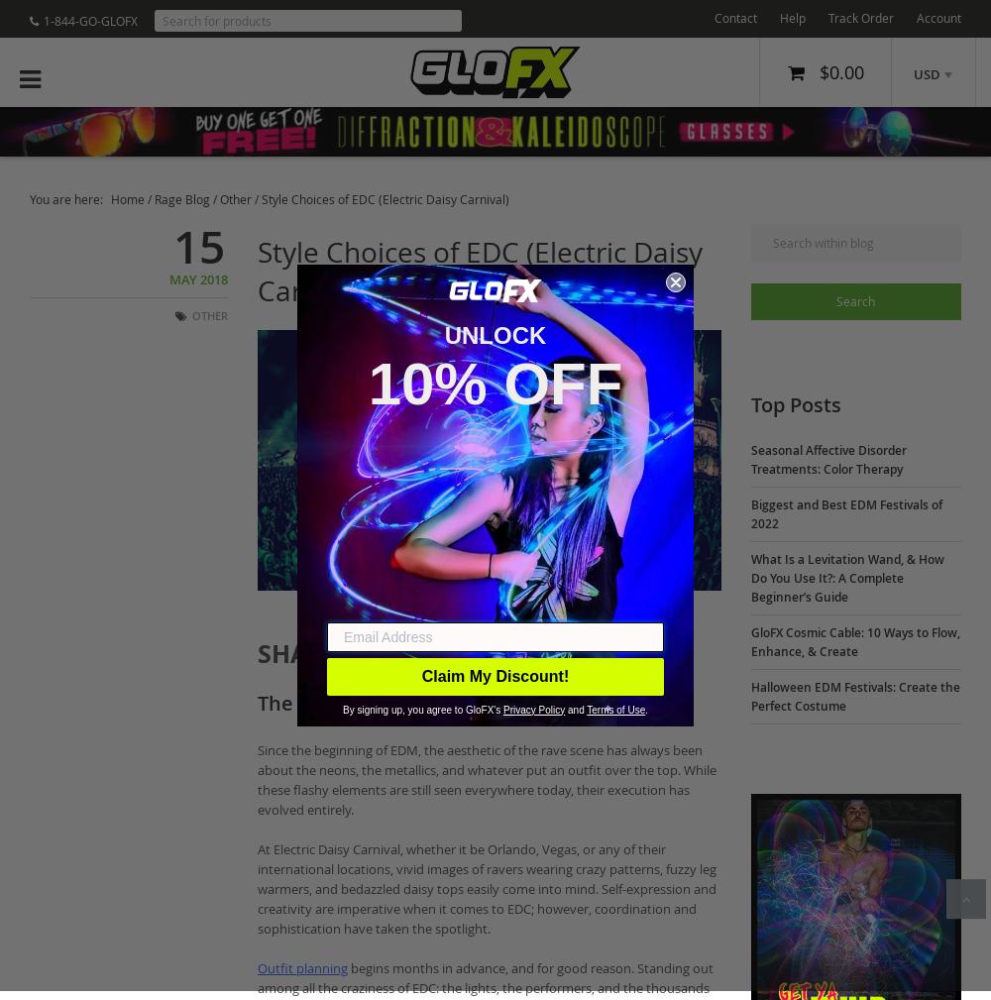 Image resolution: width=991 pixels, height=1000 pixels. Describe the element at coordinates (302, 967) in the screenshot. I see `'Outfit planning'` at that location.